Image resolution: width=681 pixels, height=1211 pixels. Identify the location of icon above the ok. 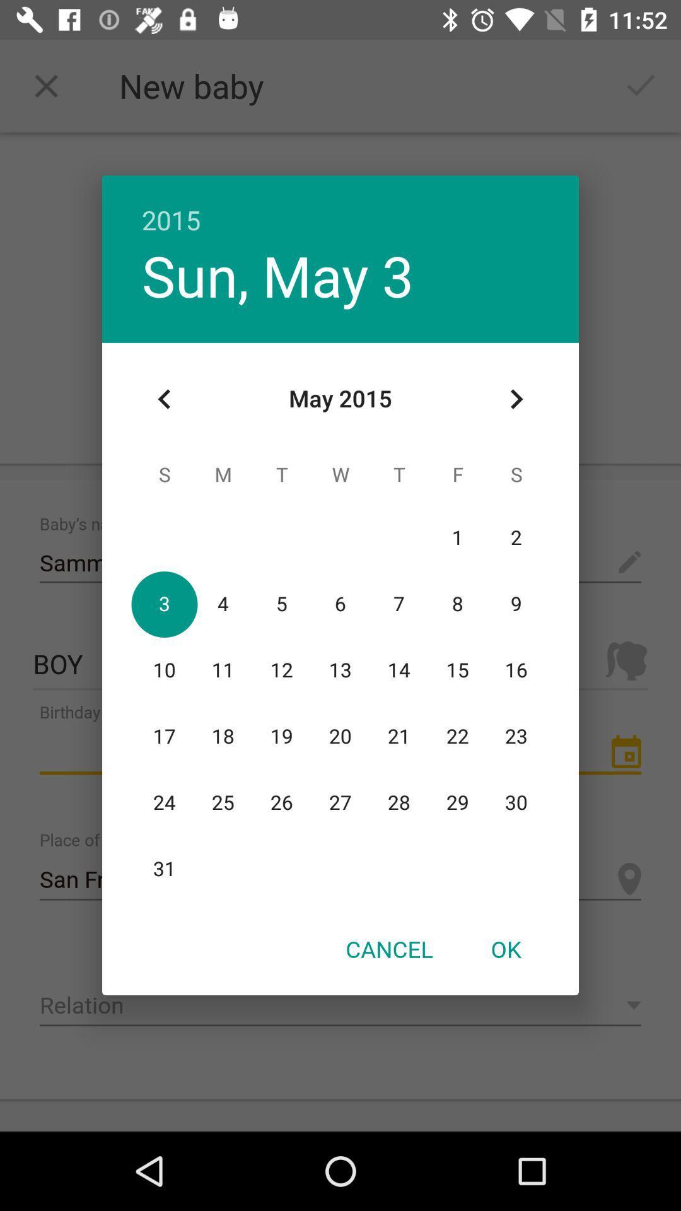
(516, 399).